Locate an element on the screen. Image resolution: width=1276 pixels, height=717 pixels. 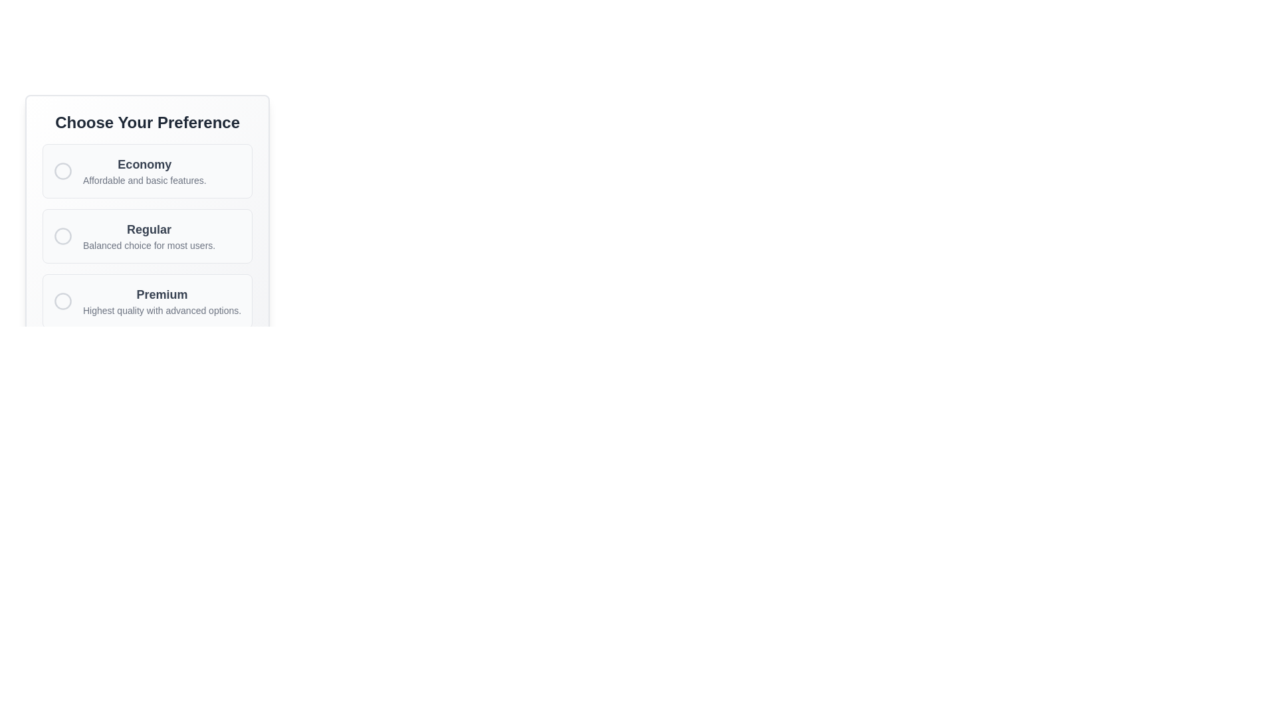
the descriptive text element providing additional information about the 'Premium' option in the selection interface, located below the 'Premium' text is located at coordinates (161, 310).